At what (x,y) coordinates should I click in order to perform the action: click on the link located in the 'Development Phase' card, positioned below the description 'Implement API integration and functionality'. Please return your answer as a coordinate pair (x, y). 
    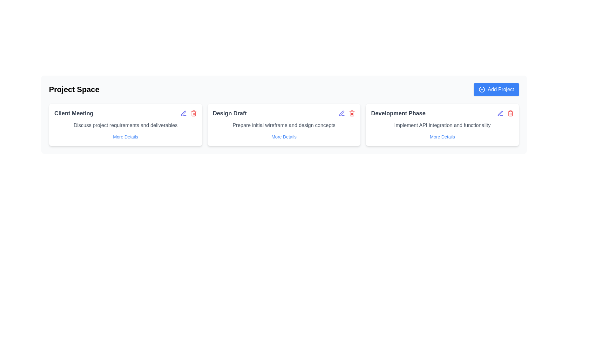
    Looking at the image, I should click on (442, 137).